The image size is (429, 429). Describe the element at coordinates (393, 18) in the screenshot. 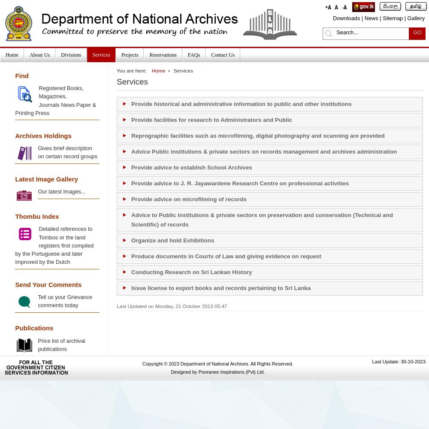

I see `'Sitemap'` at that location.